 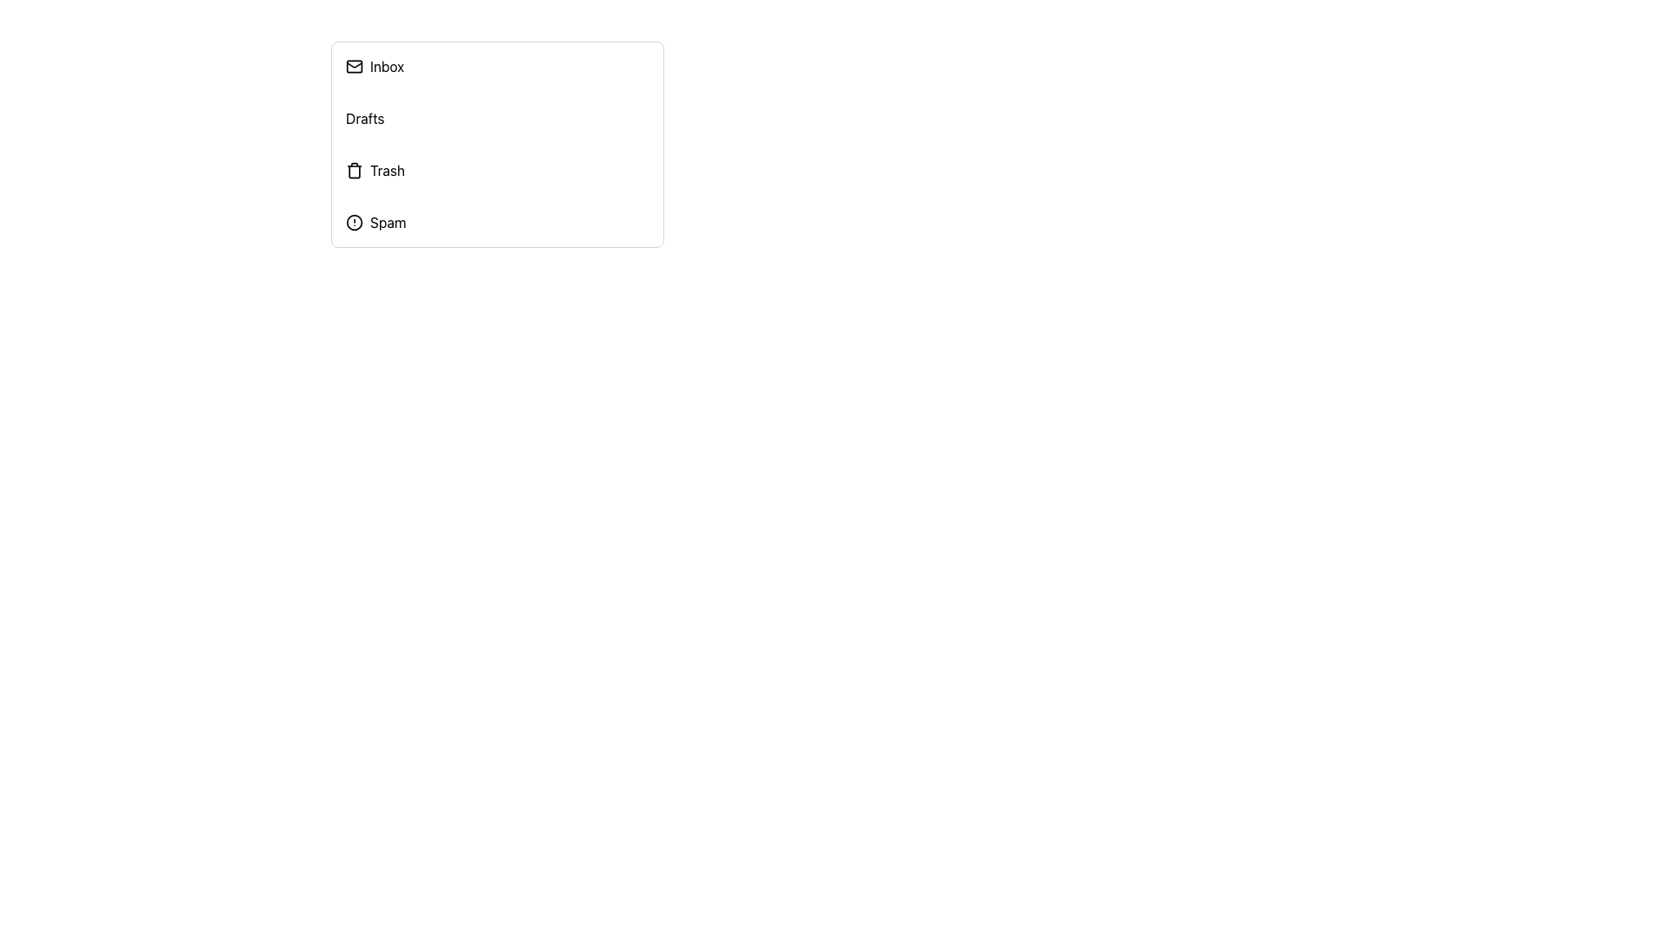 I want to click on the second item in the list, which serves as a navigation link to the 'Drafts' section, located below 'Inbox' and above 'Trash', so click(x=497, y=118).